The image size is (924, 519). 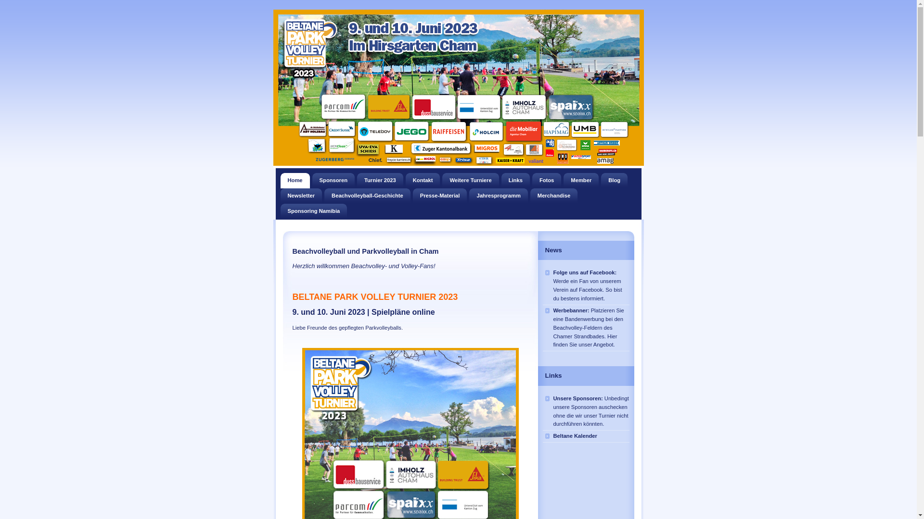 What do you see at coordinates (294, 180) in the screenshot?
I see `'Home` at bounding box center [294, 180].